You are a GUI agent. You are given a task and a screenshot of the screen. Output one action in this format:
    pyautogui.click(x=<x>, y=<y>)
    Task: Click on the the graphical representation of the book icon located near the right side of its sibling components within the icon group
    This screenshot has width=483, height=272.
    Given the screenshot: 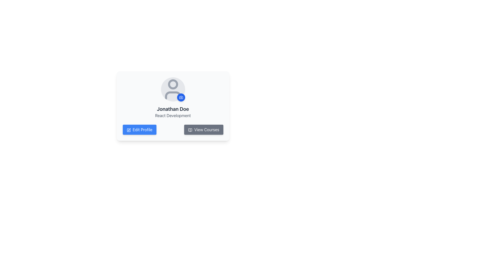 What is the action you would take?
    pyautogui.click(x=190, y=130)
    